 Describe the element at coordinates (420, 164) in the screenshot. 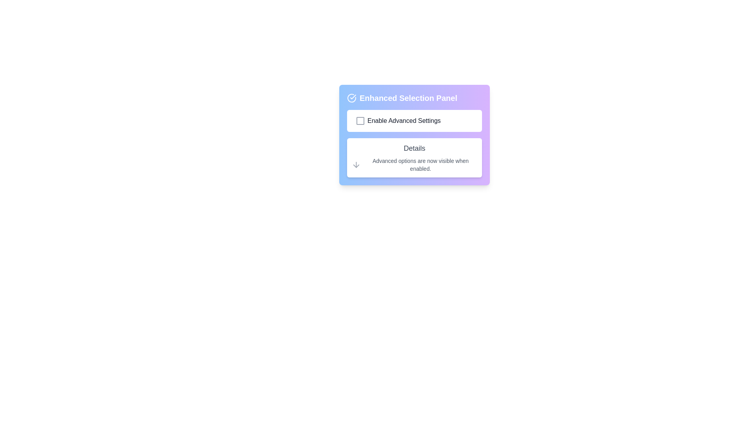

I see `the static text display providing contextual information related to the 'Advanced options' functionality, located in the lower portion of the 'Enhanced Selection Panel'` at that location.